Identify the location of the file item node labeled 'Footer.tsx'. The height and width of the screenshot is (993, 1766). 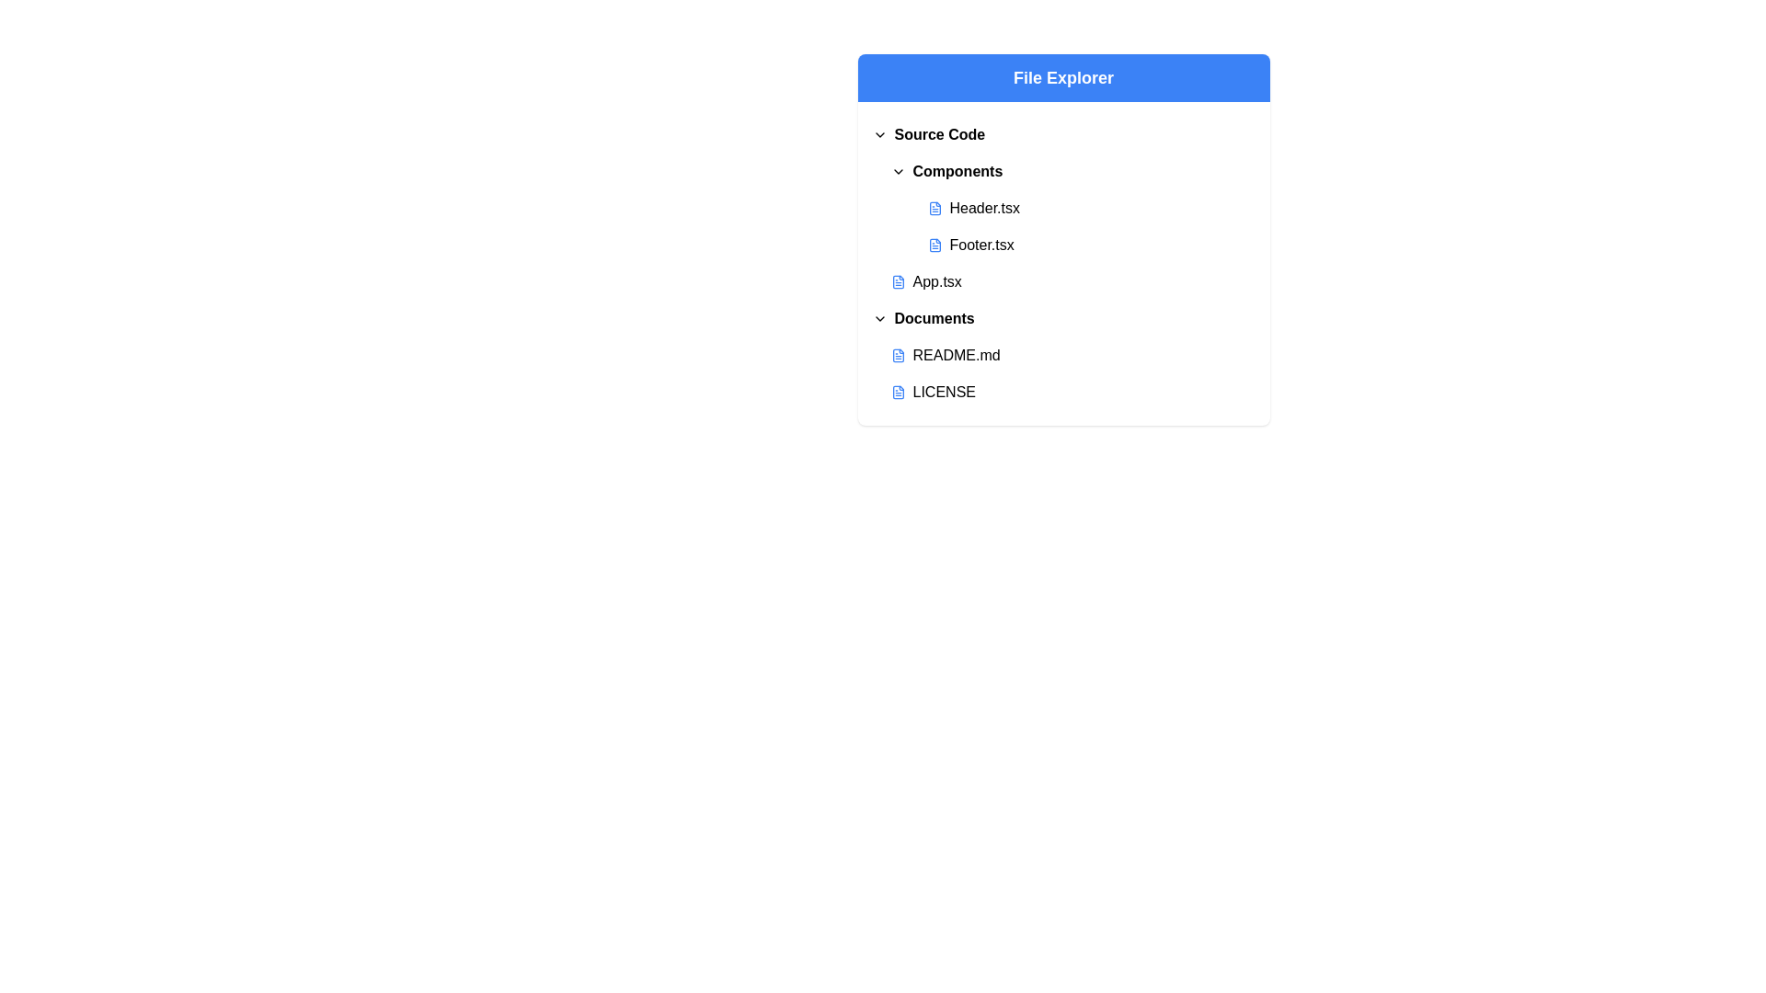
(1072, 244).